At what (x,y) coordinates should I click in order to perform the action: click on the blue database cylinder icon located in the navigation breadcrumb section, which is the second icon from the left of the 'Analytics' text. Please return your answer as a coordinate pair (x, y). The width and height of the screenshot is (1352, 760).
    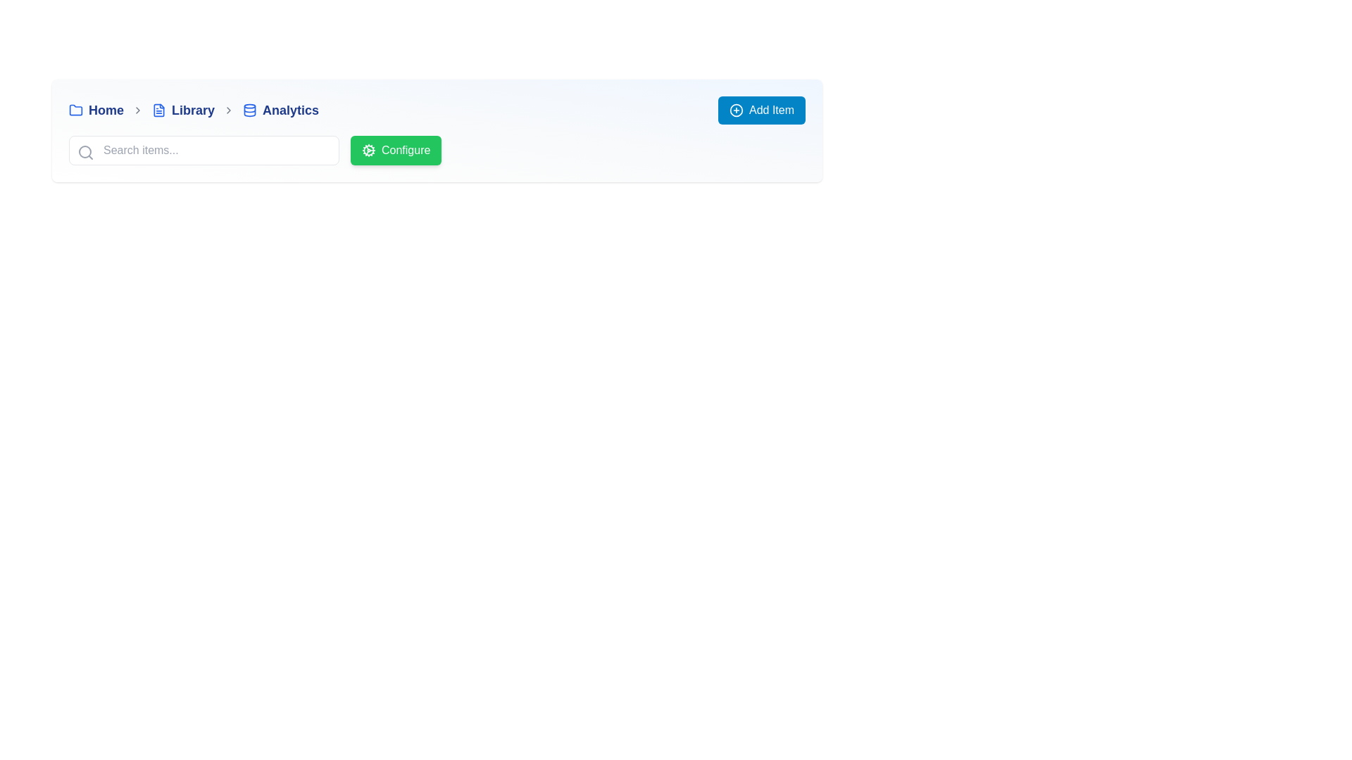
    Looking at the image, I should click on (250, 110).